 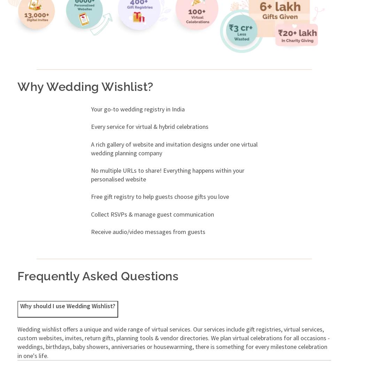 I want to click on 'Receive audio/video messages from guests', so click(x=90, y=231).